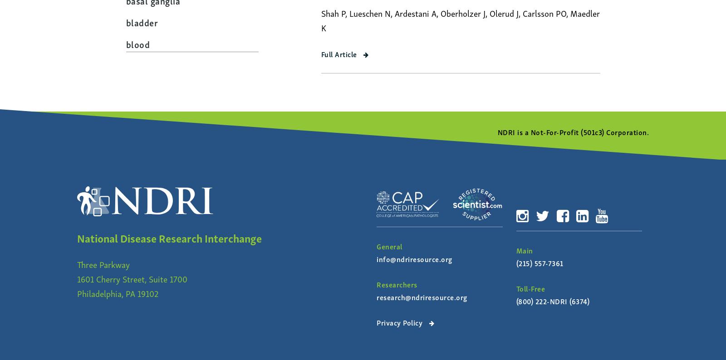 The width and height of the screenshot is (726, 360). Describe the element at coordinates (136, 86) in the screenshot. I see `'brain'` at that location.